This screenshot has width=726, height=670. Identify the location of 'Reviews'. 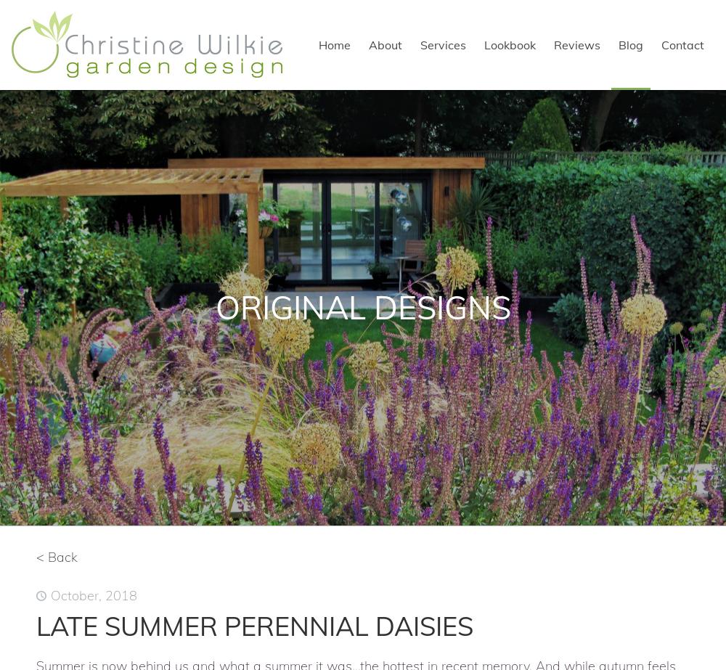
(577, 45).